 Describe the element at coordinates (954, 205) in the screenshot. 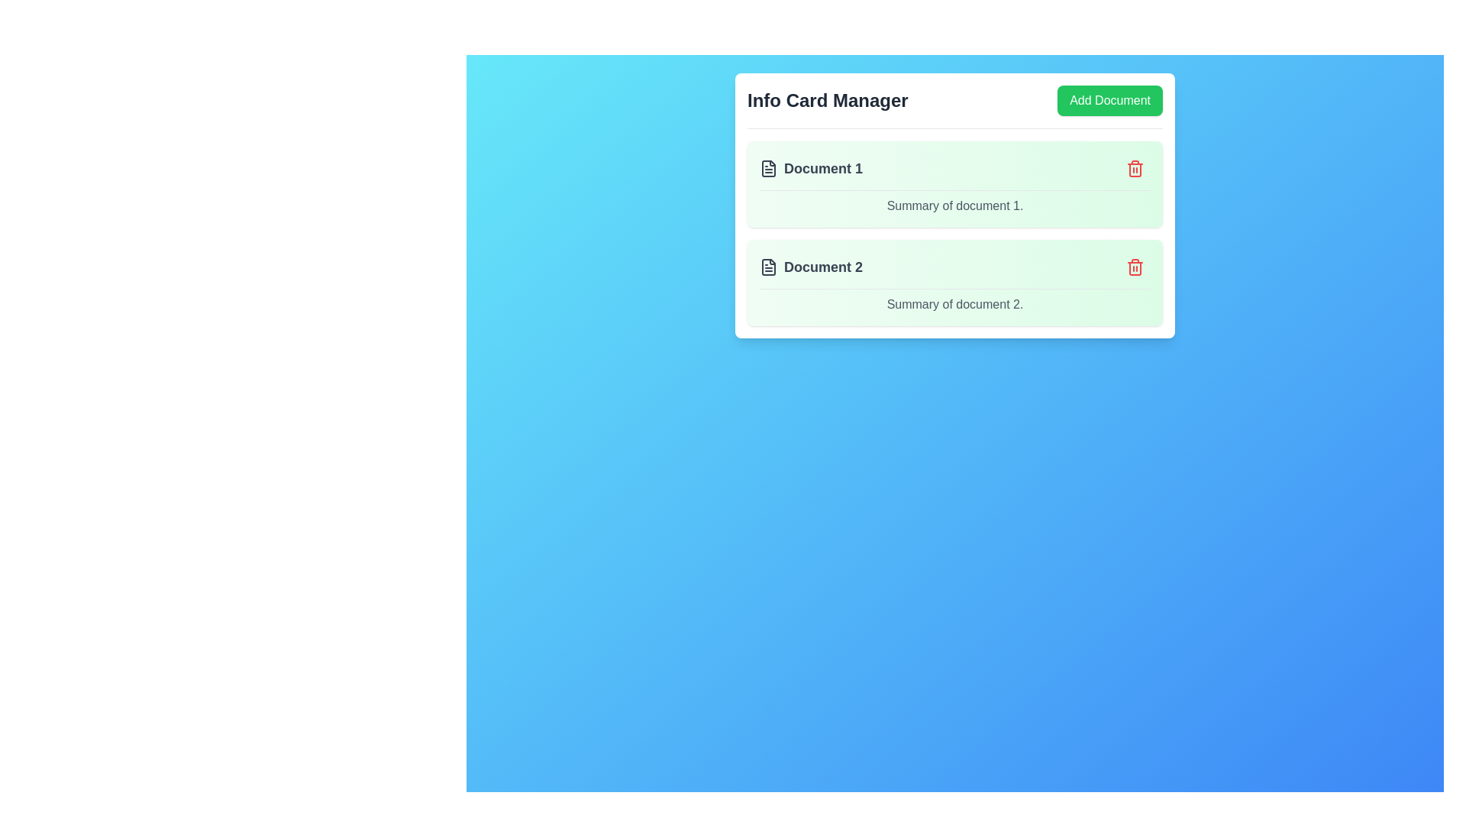

I see `document summaries displayed in the 'Info Card Manager' card UI element, which includes 'Document 1' and 'Document 2' with their respective summaries` at that location.